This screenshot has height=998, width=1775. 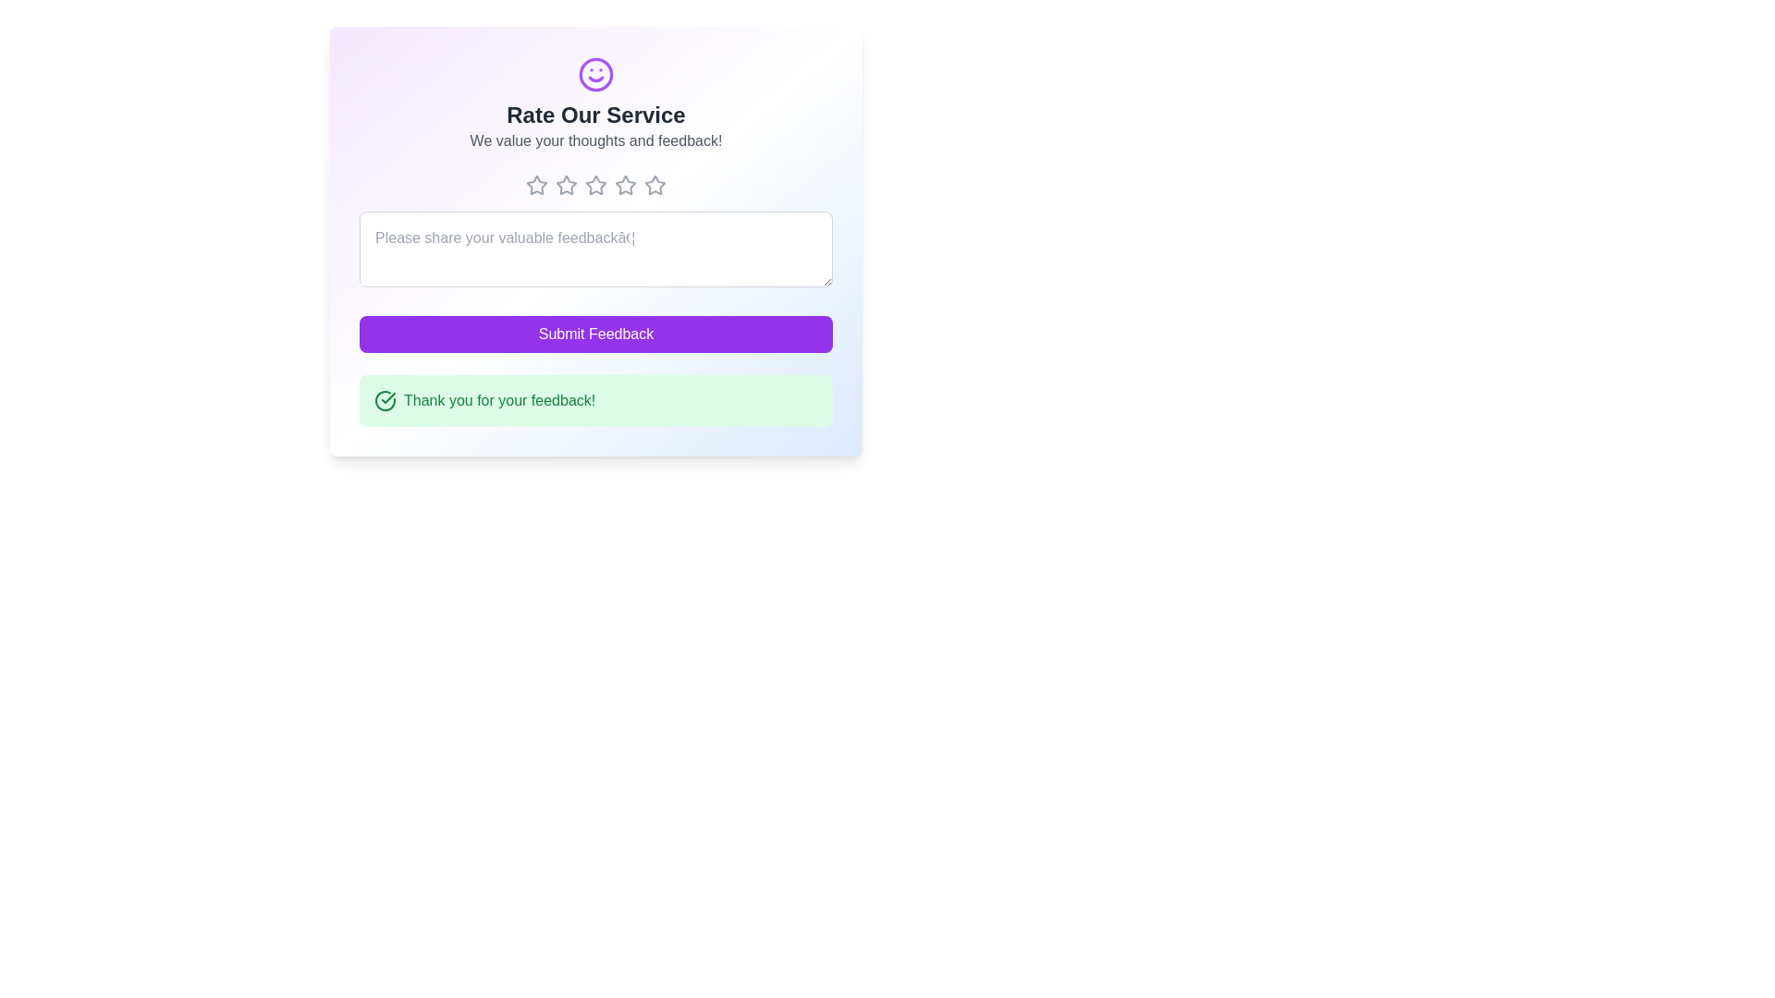 I want to click on the third star-shaped interactive rating icon, which is highlighted to indicate selection, so click(x=625, y=185).